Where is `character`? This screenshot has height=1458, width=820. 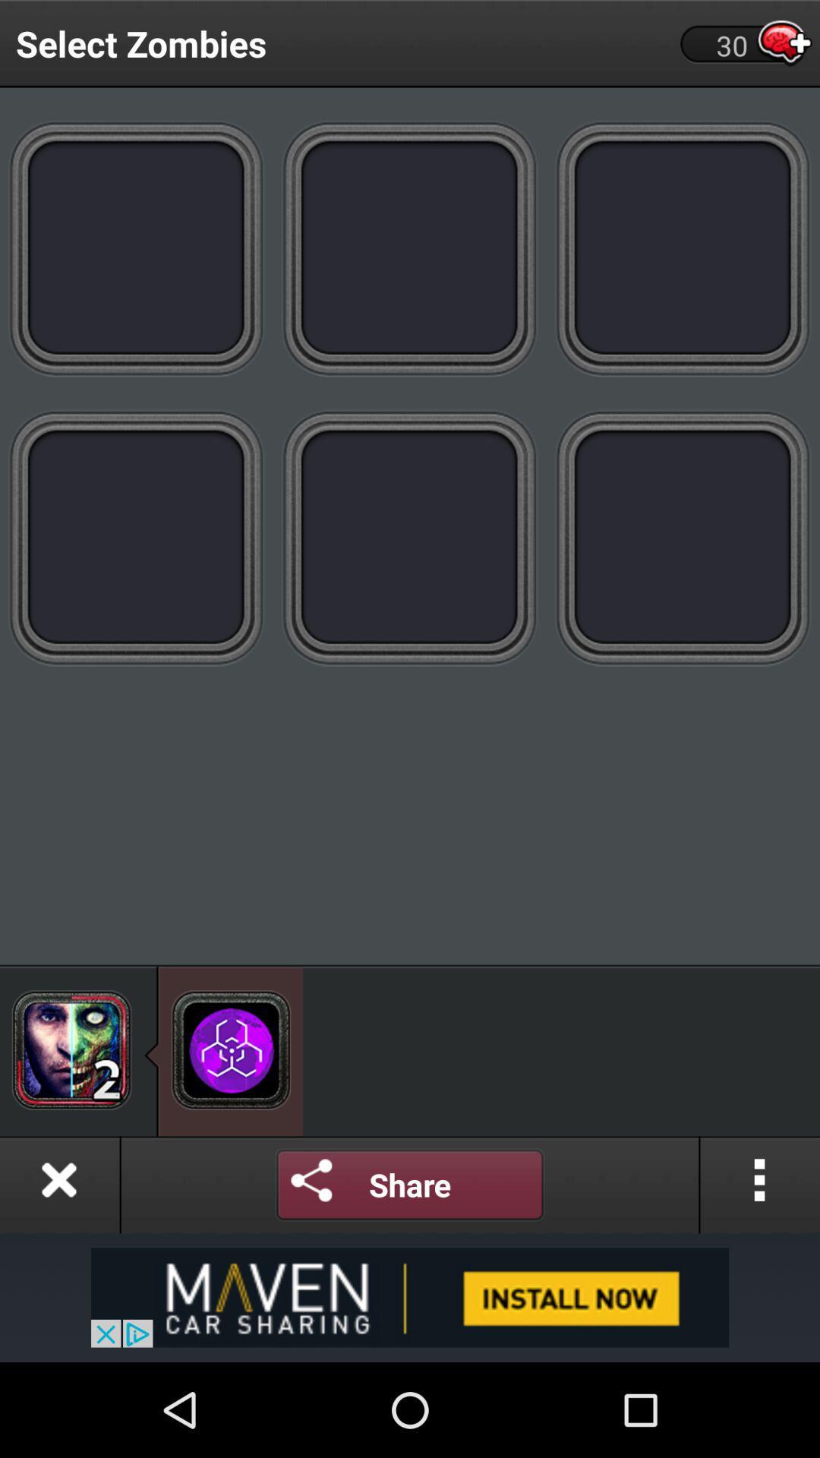 character is located at coordinates (682, 248).